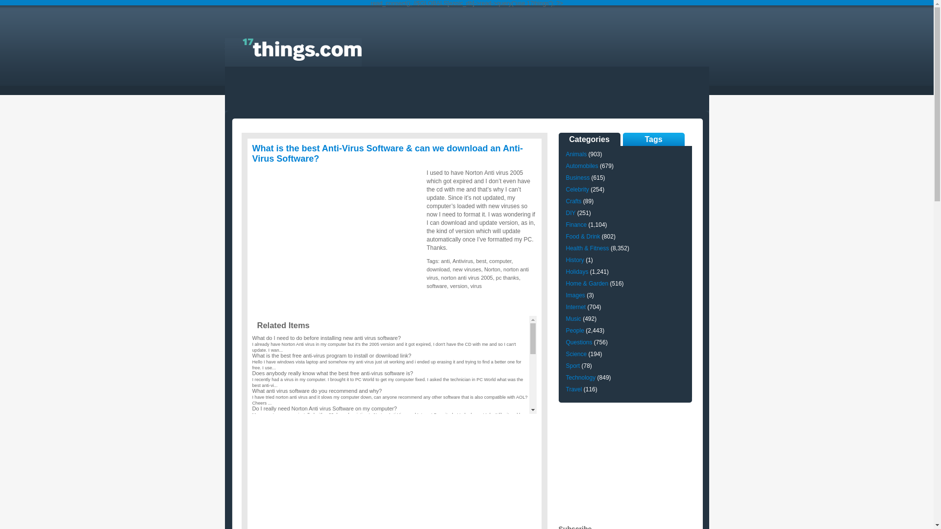  I want to click on 'Norton', so click(492, 269).